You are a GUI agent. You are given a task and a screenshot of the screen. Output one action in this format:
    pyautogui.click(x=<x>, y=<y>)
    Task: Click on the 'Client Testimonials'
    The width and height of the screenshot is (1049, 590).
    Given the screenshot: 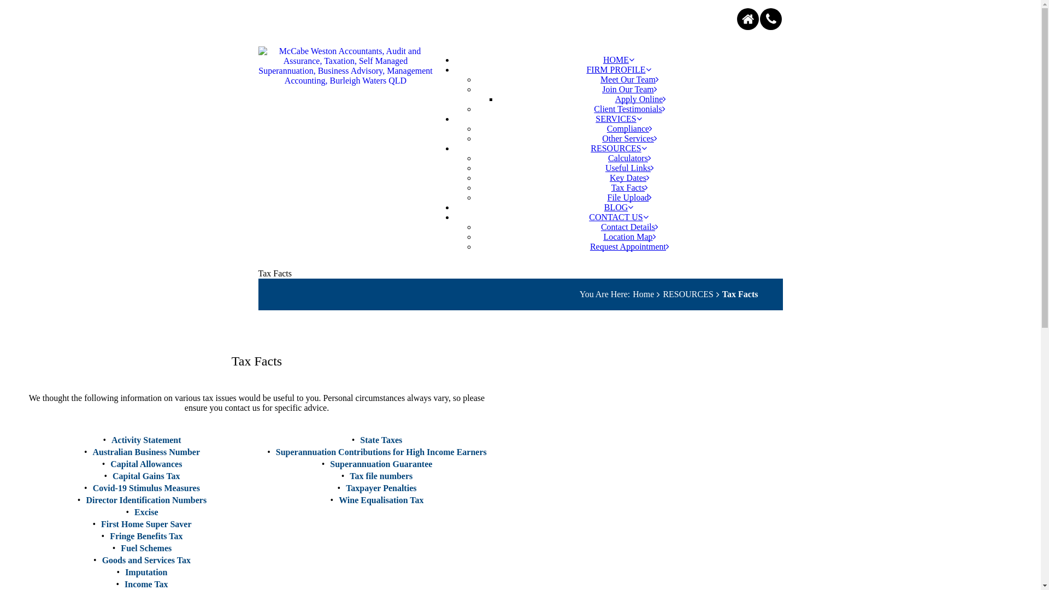 What is the action you would take?
    pyautogui.click(x=629, y=109)
    